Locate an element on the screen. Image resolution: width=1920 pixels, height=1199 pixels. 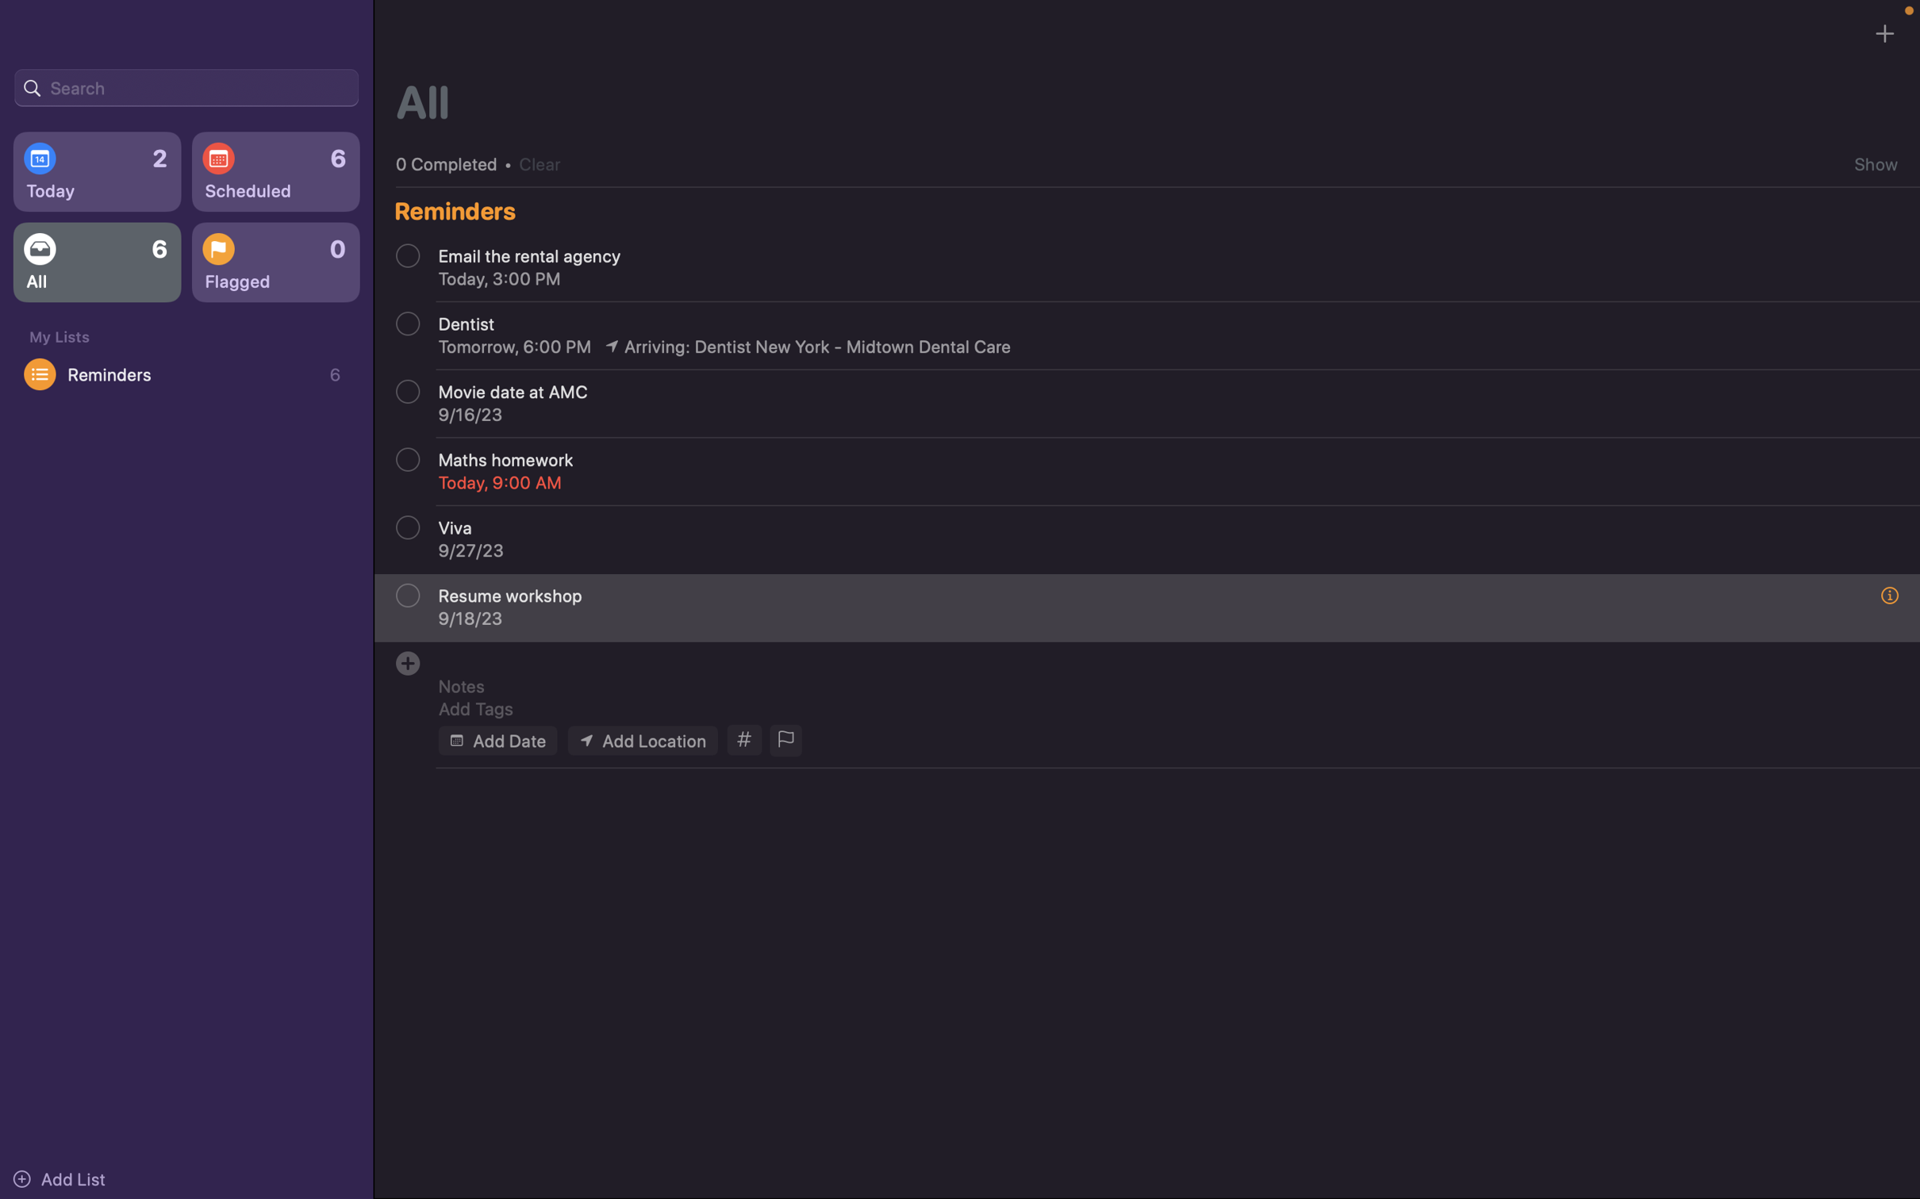
the location of the event to "Mellon Institute is located at coordinates (641, 739).